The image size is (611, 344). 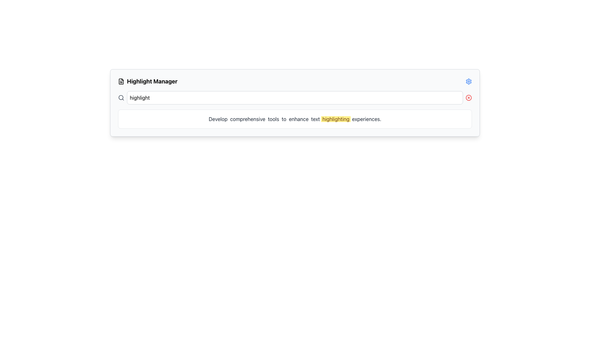 I want to click on the Icon button located at the far right of the text input field, so click(x=469, y=98).